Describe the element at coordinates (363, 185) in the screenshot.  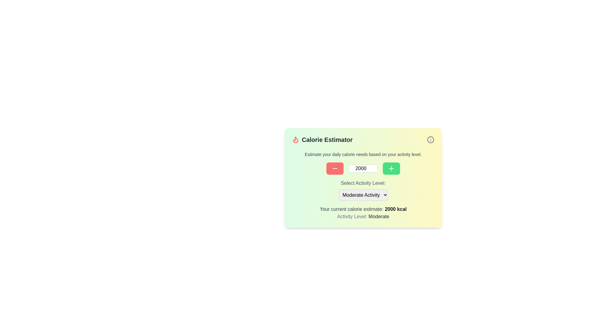
I see `options from the dropdown menu located in the Calorie Estimator section of the interface, which features interactive components for calorie estimate settings` at that location.